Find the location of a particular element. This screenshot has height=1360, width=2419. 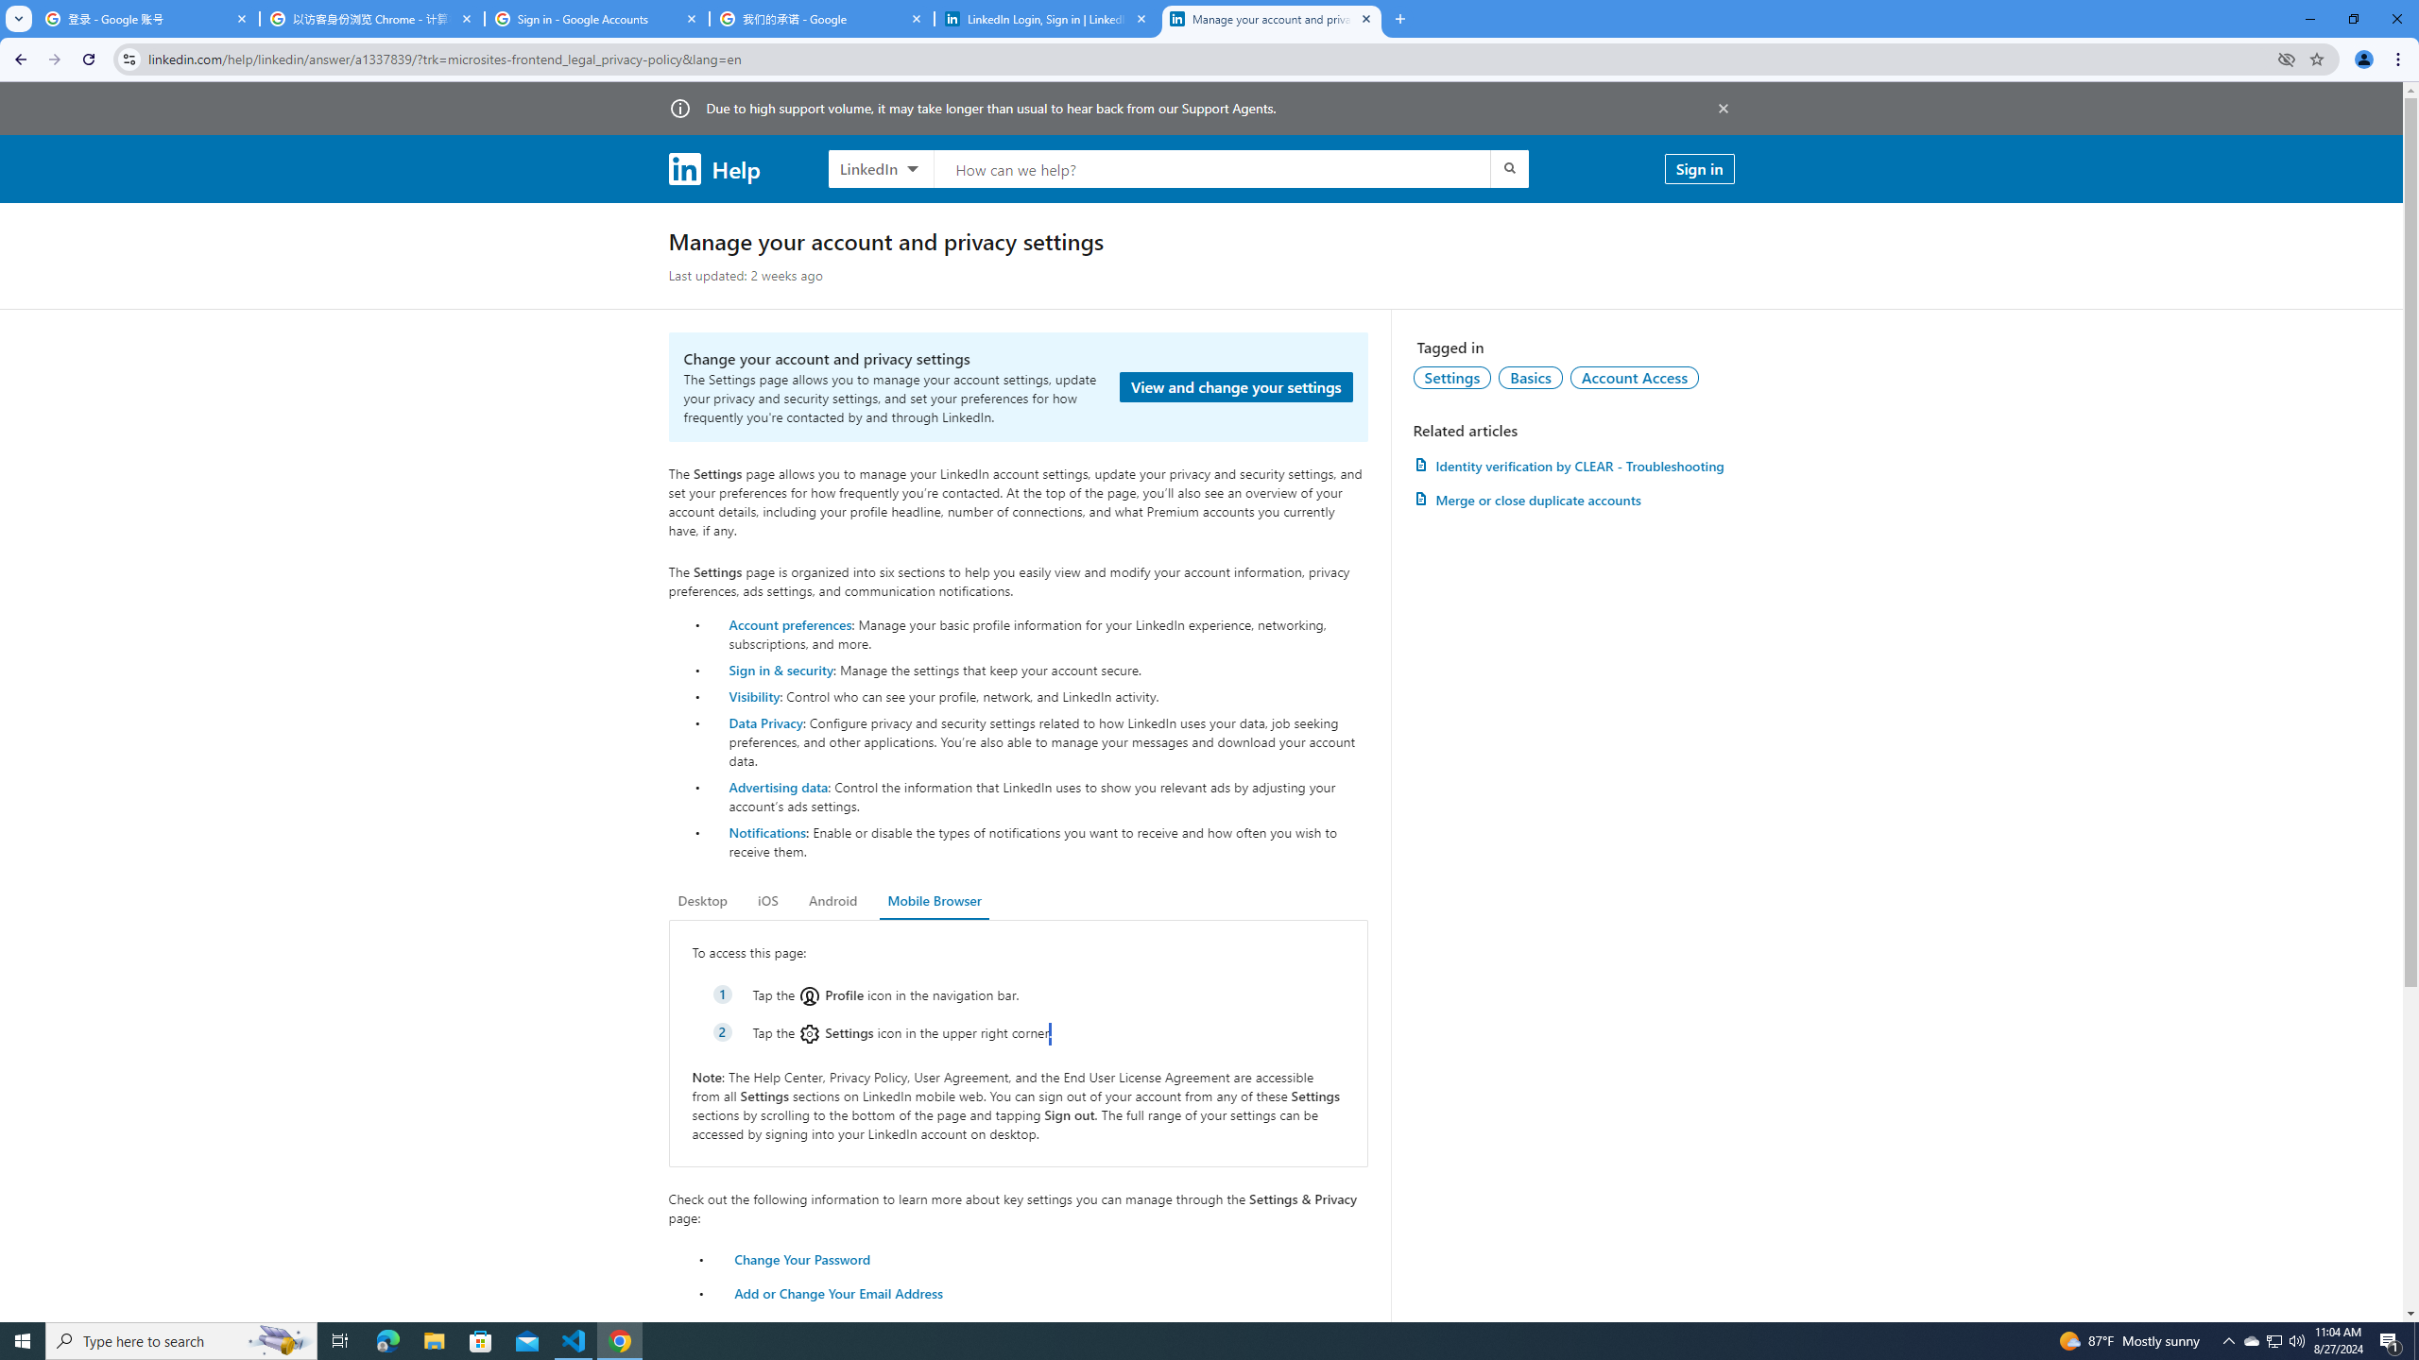

'Data Privacy' is located at coordinates (765, 721).